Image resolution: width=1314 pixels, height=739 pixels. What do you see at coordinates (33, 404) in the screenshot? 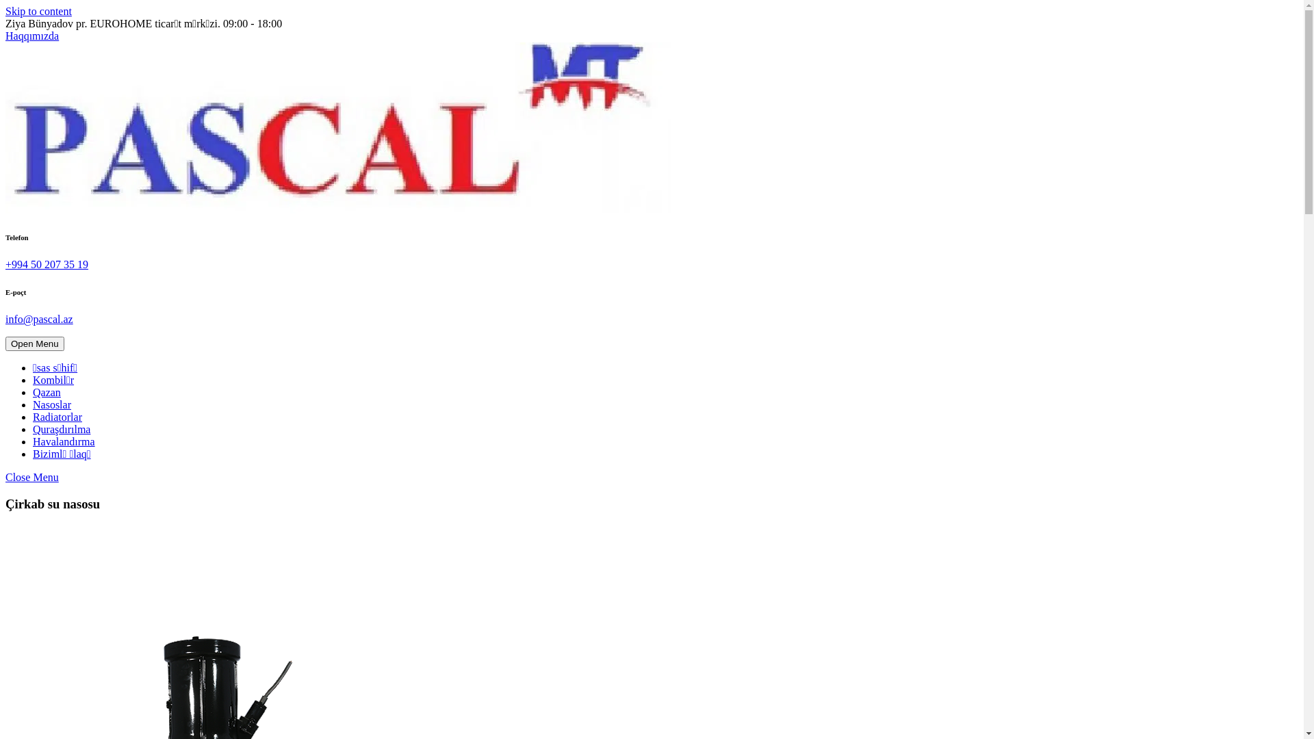
I see `'Nasoslar'` at bounding box center [33, 404].